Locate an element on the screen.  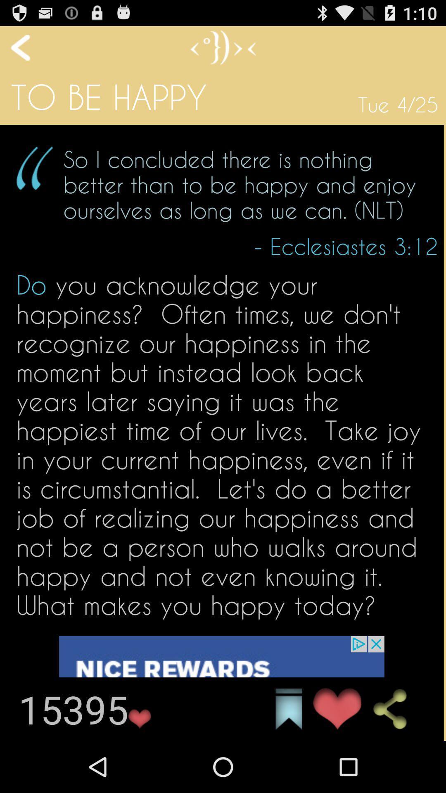
the share icon is located at coordinates (396, 759).